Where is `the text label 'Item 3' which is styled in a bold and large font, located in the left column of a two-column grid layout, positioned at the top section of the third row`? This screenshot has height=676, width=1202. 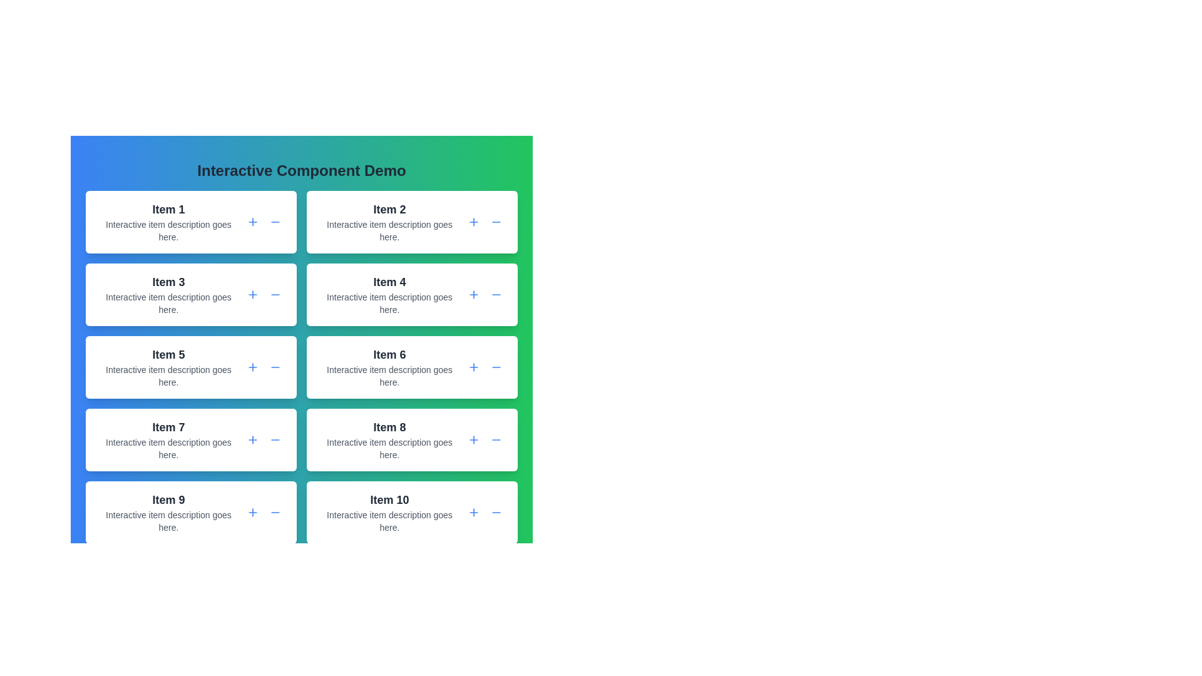
the text label 'Item 3' which is styled in a bold and large font, located in the left column of a two-column grid layout, positioned at the top section of the third row is located at coordinates (168, 282).